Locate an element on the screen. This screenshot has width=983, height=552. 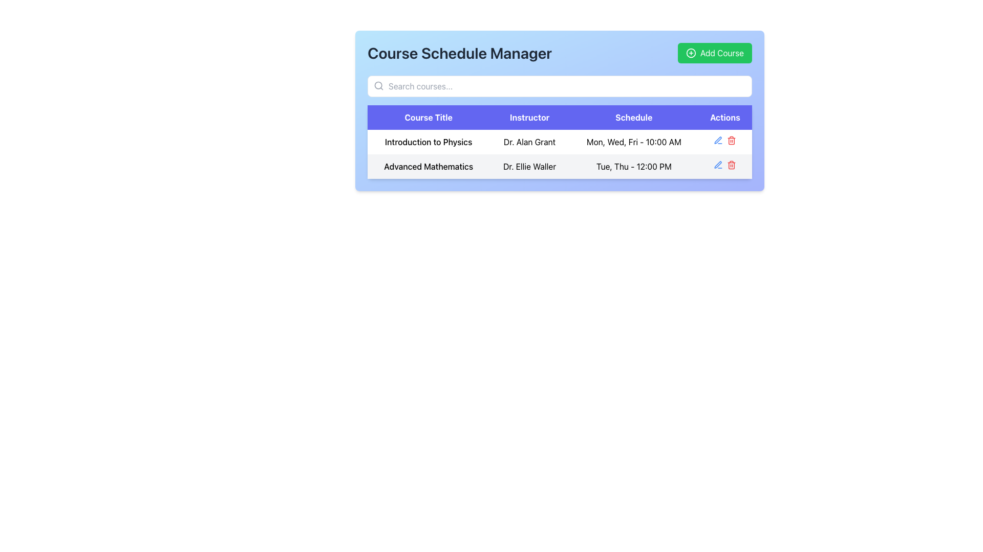
the text label within the 'Add Course' button located in the upper right corner of the interface, which describes the action of adding a new course is located at coordinates (721, 53).